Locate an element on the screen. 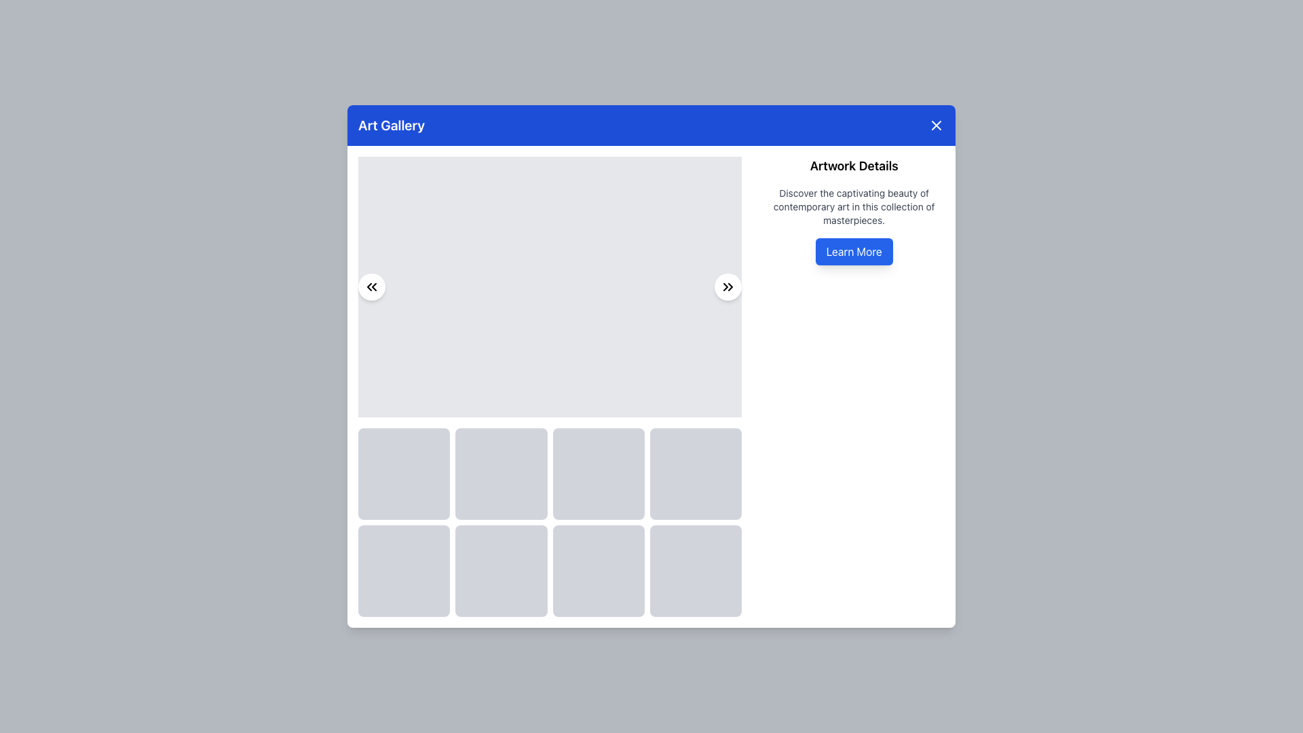  the left arrow icon used for navigating to the previous item in the carousel or image gallery is located at coordinates (369, 286).